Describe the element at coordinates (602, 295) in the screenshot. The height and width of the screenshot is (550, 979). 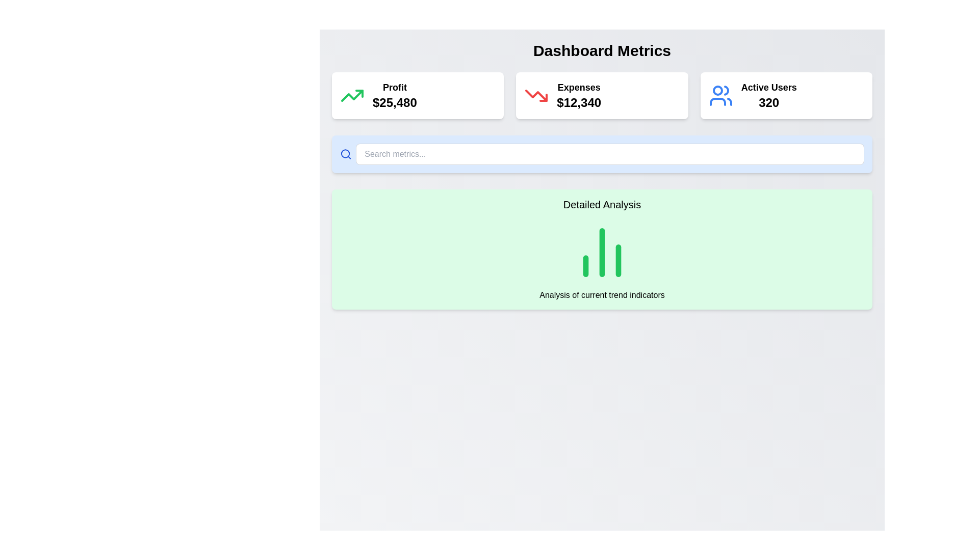
I see `text block containing 'Analysis of current trend indicators' which is centered within a light green background at the bottom of the rectangular green section` at that location.